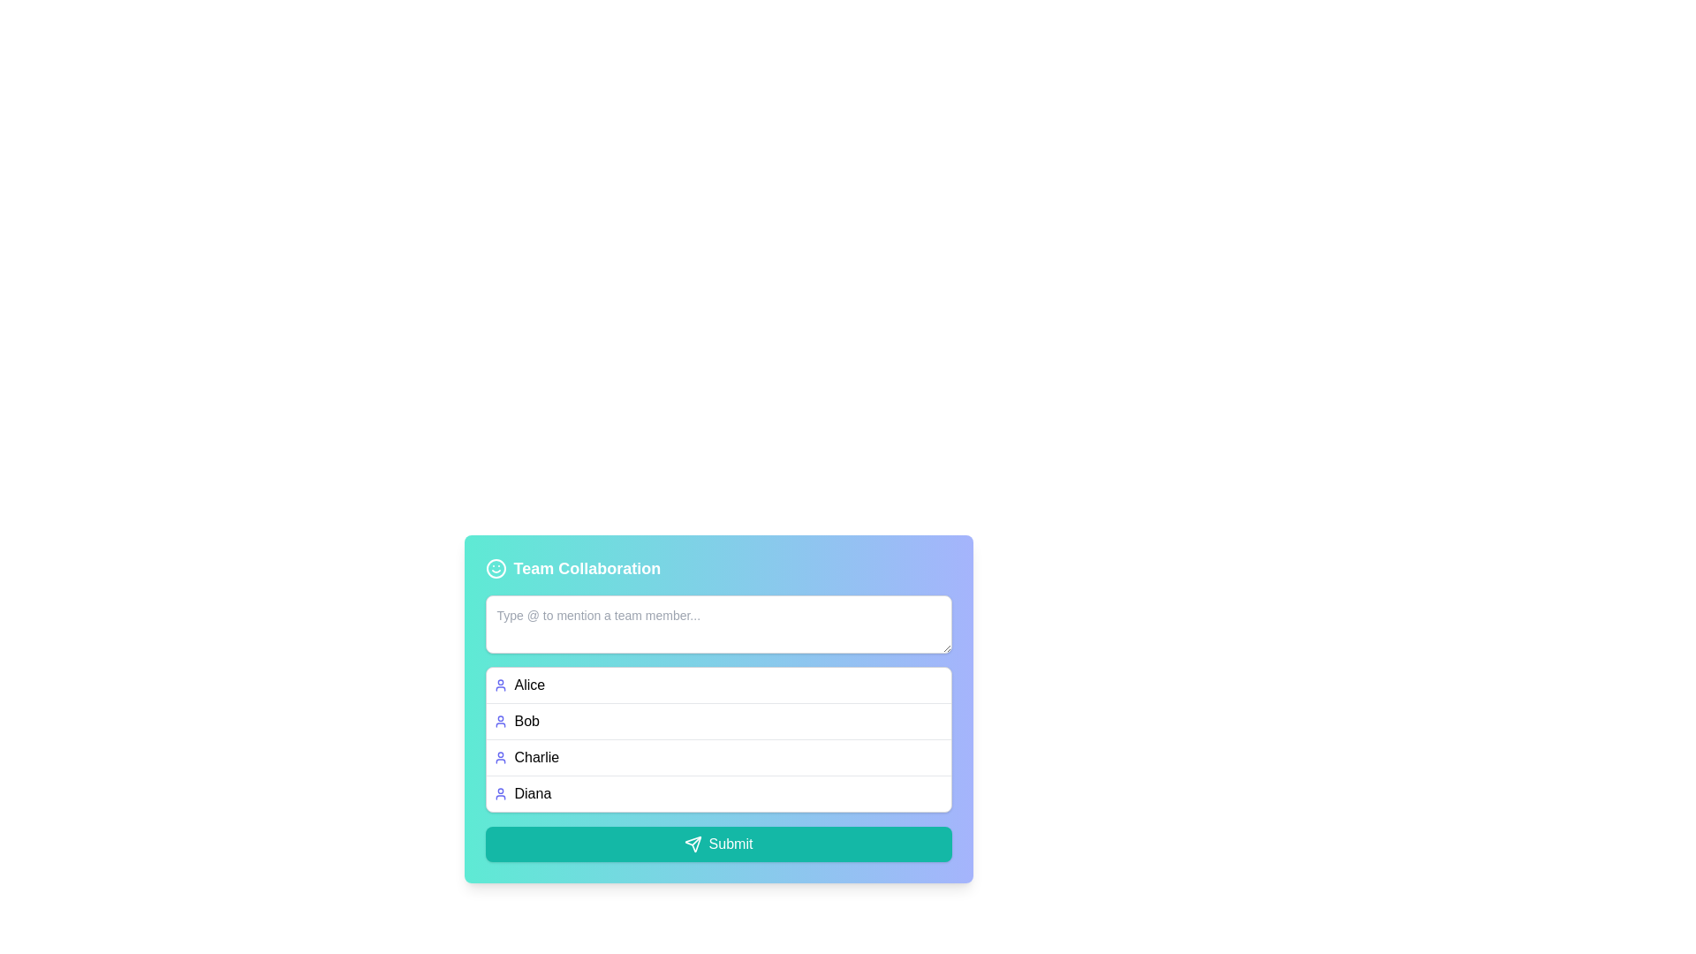 The width and height of the screenshot is (1696, 954). What do you see at coordinates (718, 708) in the screenshot?
I see `the list item containing the name 'Bob'` at bounding box center [718, 708].